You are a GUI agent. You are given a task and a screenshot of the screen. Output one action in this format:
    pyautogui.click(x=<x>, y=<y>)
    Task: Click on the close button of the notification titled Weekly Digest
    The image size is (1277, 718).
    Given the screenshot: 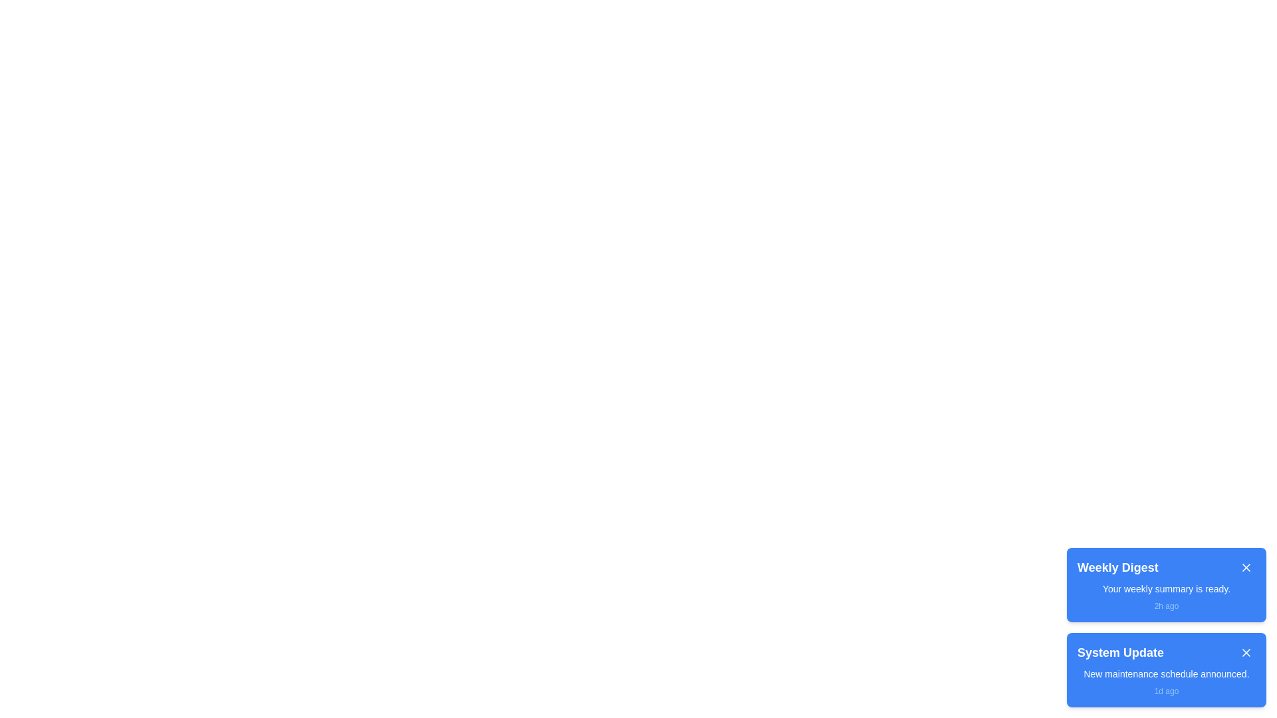 What is the action you would take?
    pyautogui.click(x=1245, y=567)
    